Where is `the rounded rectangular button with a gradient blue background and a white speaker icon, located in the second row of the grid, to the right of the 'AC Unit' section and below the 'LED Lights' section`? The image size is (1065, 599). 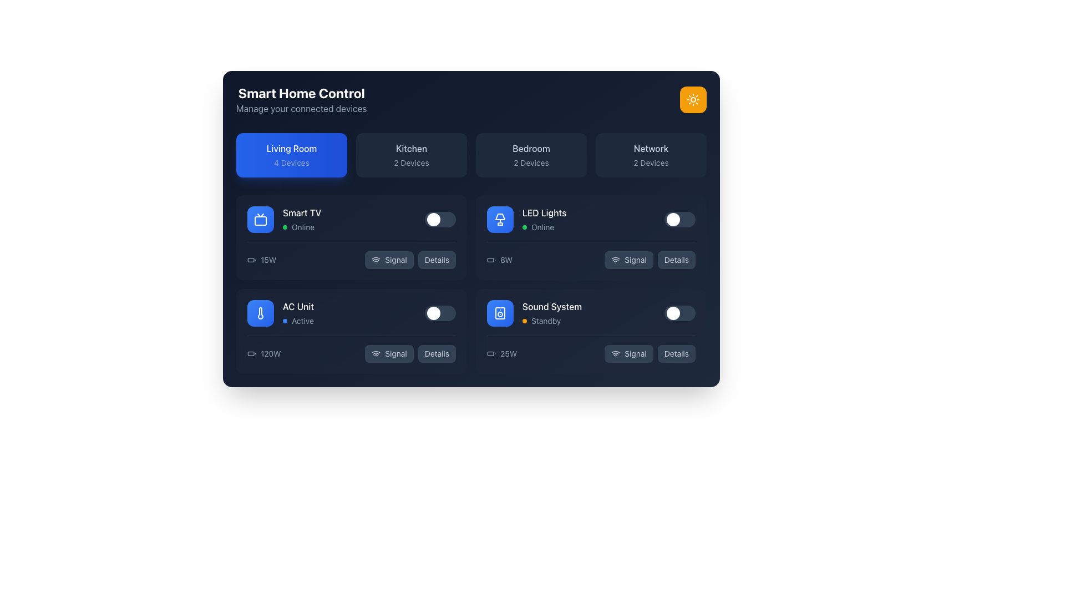
the rounded rectangular button with a gradient blue background and a white speaker icon, located in the second row of the grid, to the right of the 'AC Unit' section and below the 'LED Lights' section is located at coordinates (500, 313).